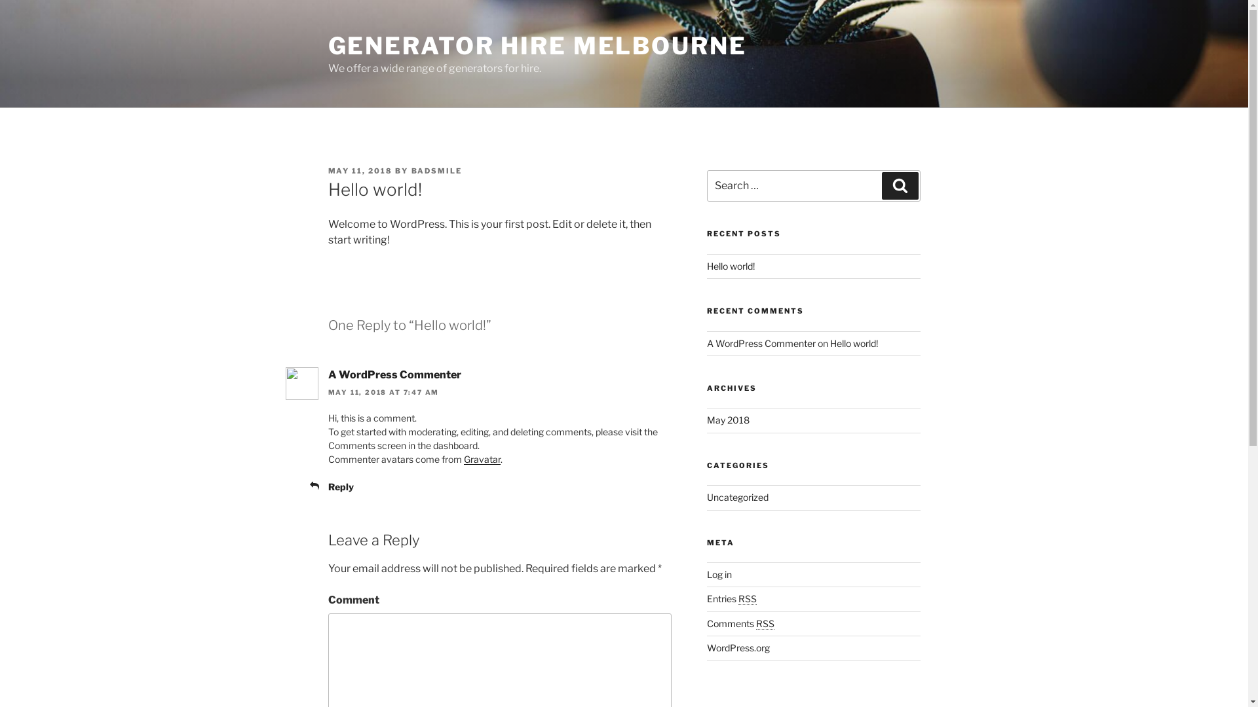 This screenshot has width=1258, height=707. Describe the element at coordinates (706, 497) in the screenshot. I see `'Uncategorized'` at that location.